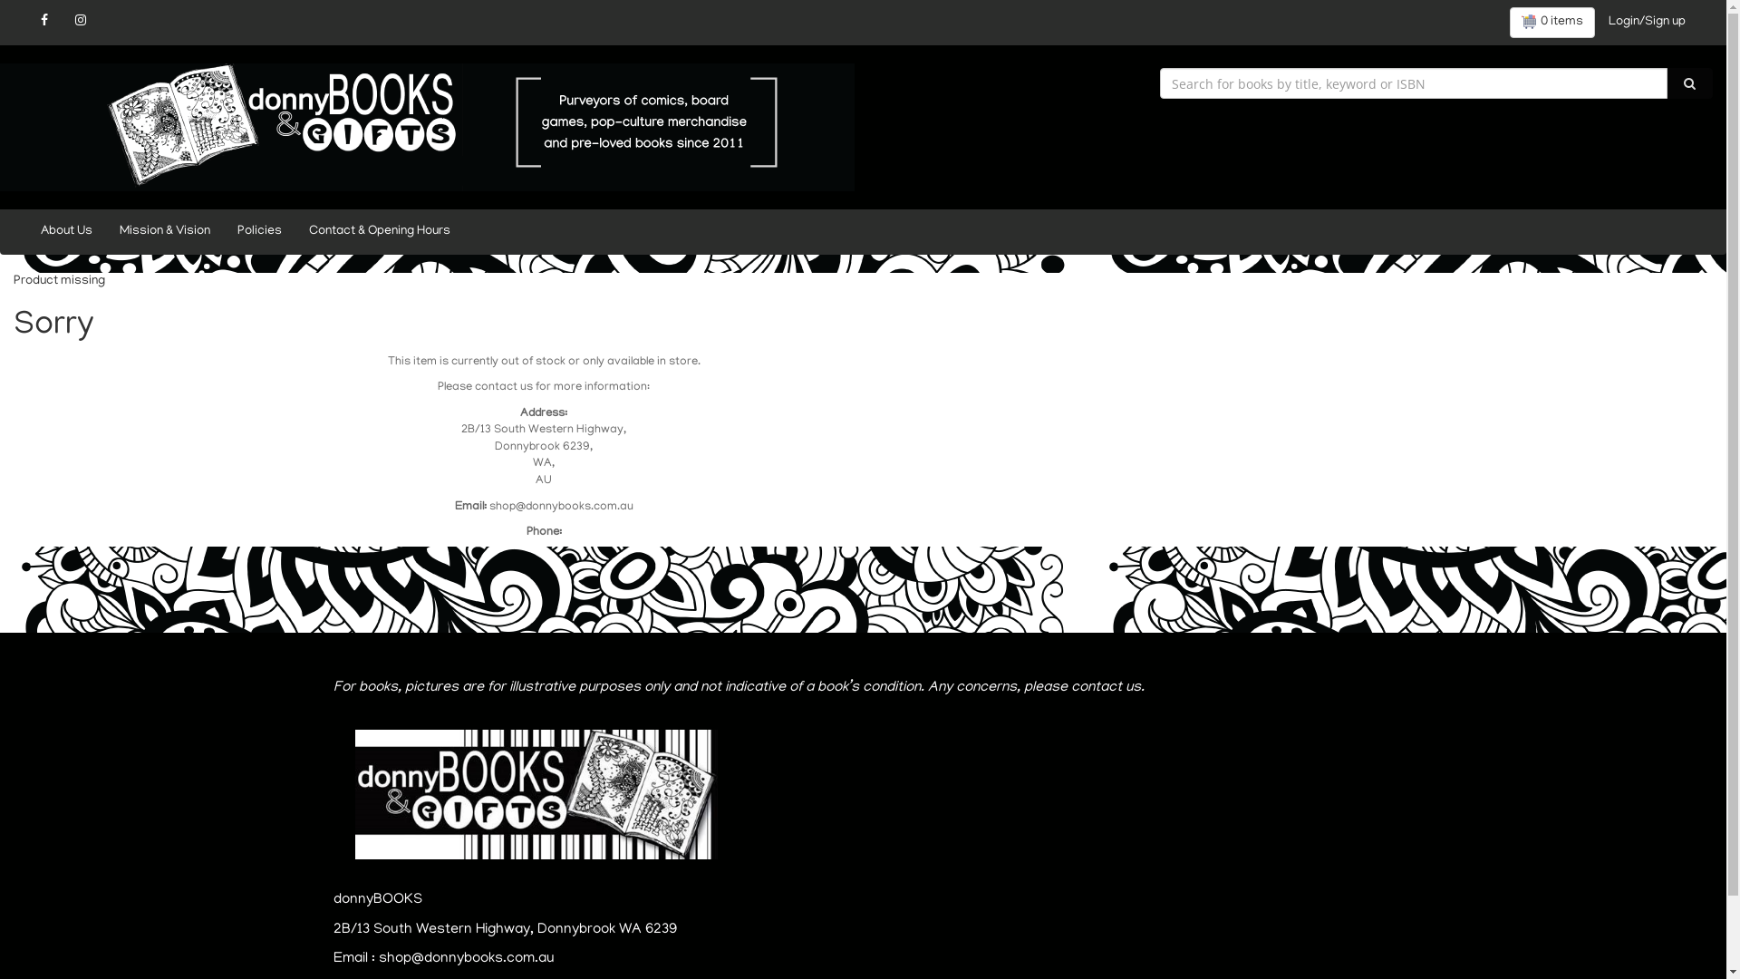 This screenshot has height=979, width=1740. I want to click on '0 items', so click(1551, 22).